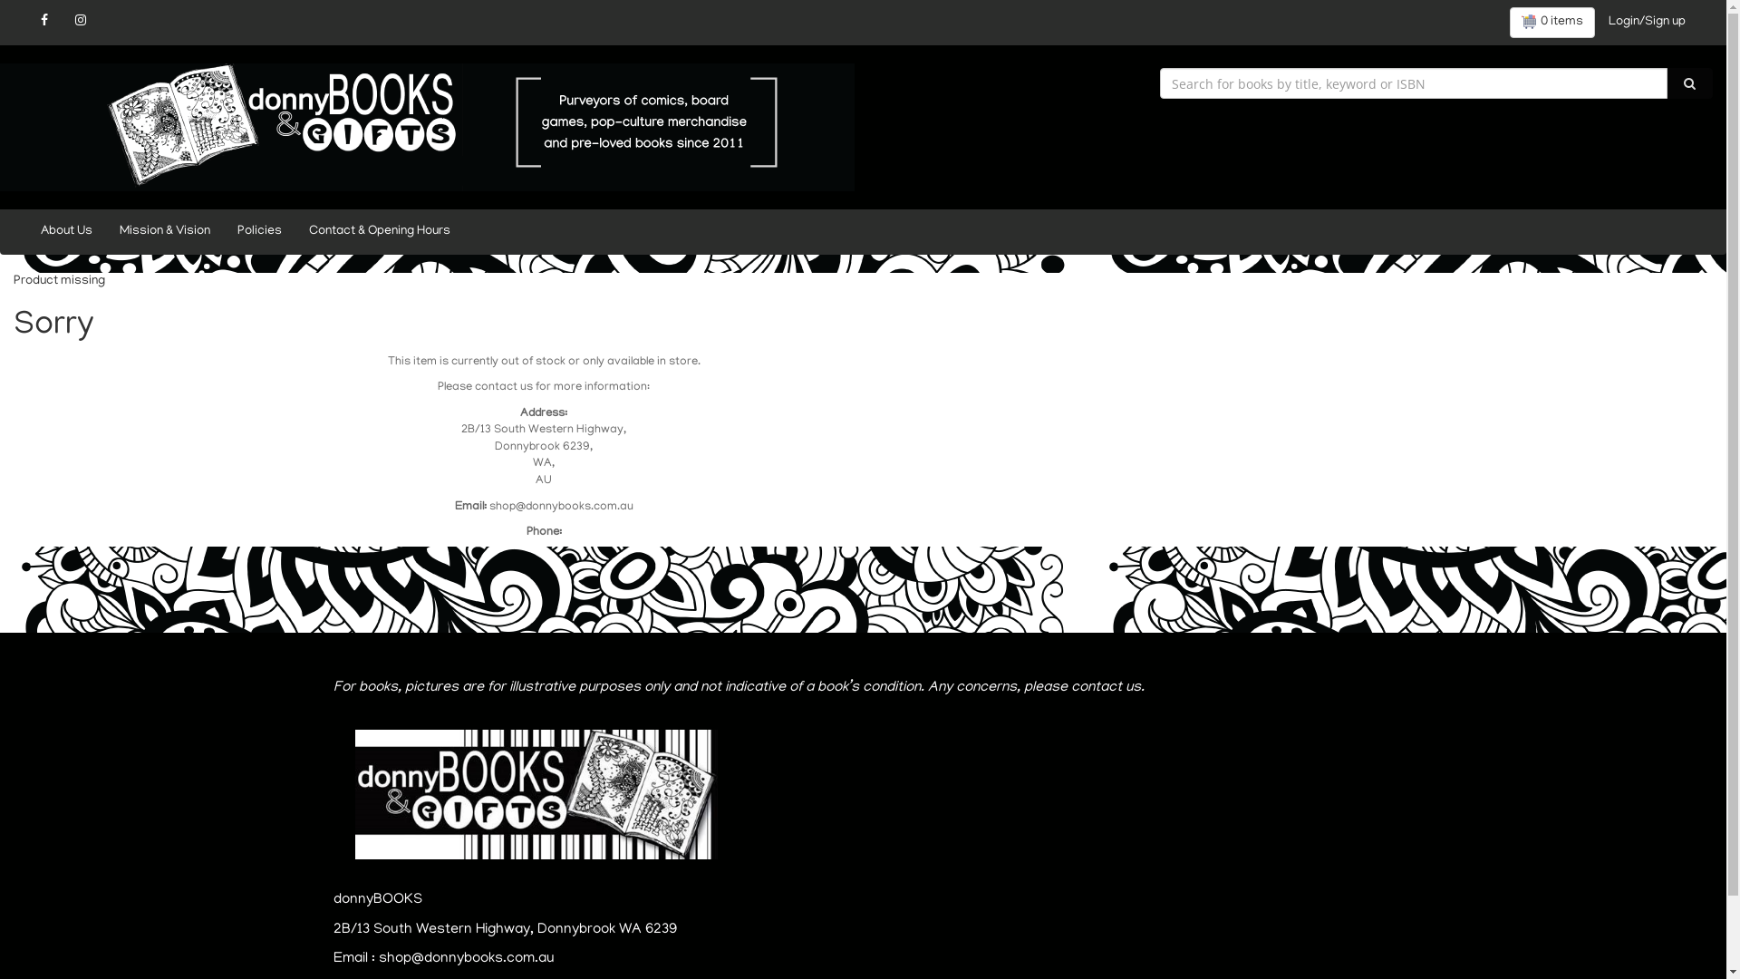 This screenshot has height=979, width=1740. I want to click on '0 items', so click(1551, 22).